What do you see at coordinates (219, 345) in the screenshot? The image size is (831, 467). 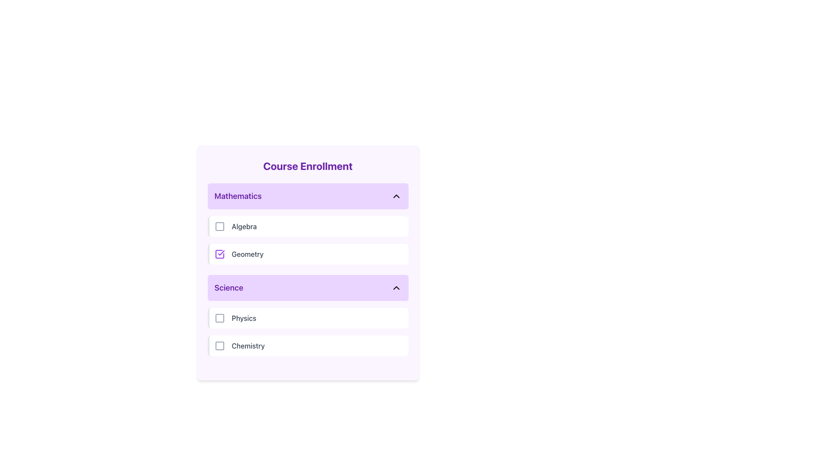 I see `the interactive checkbox for 'Chemistry'` at bounding box center [219, 345].